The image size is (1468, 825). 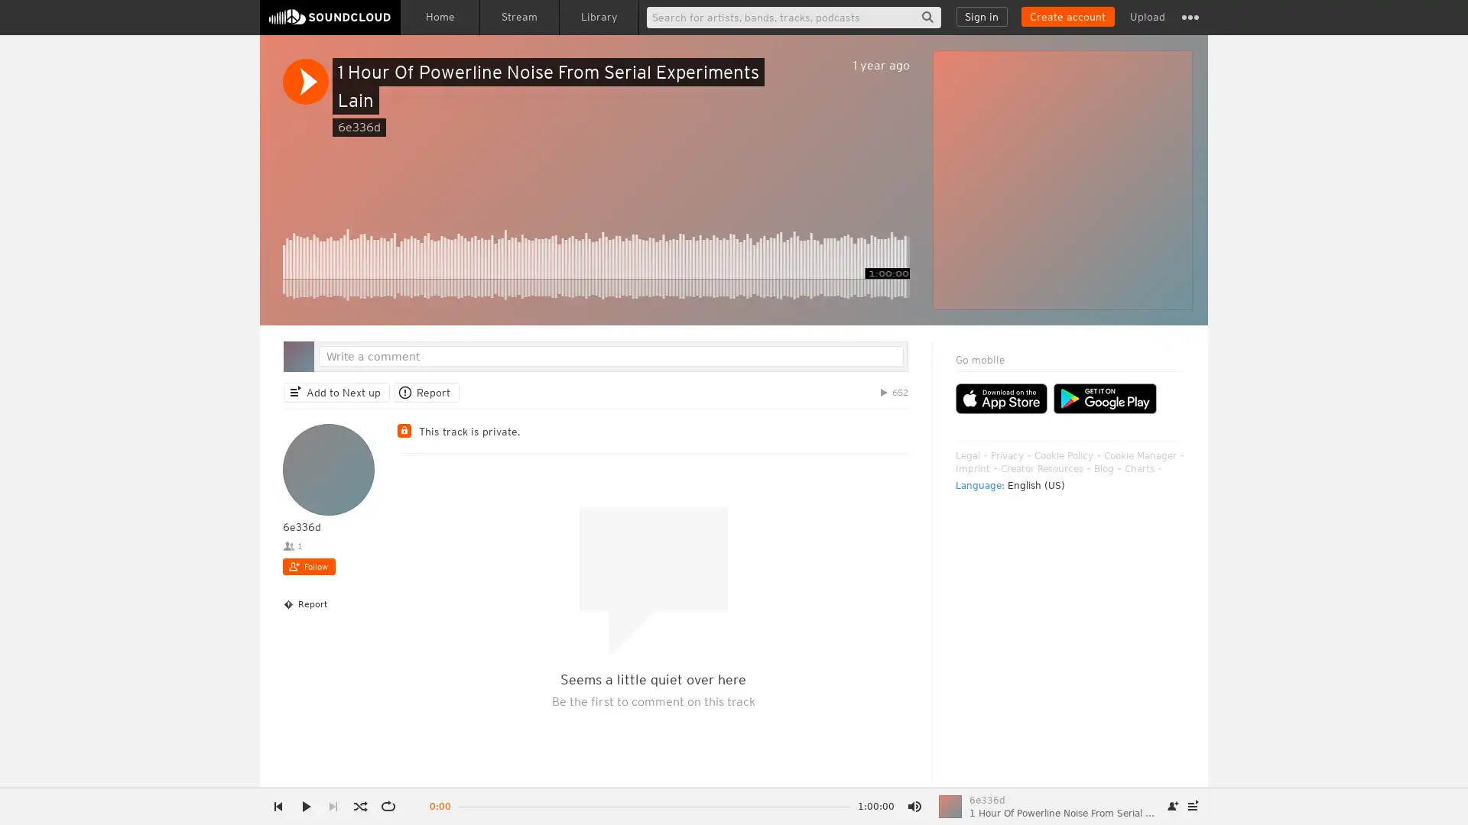 I want to click on Follow, so click(x=1173, y=806).